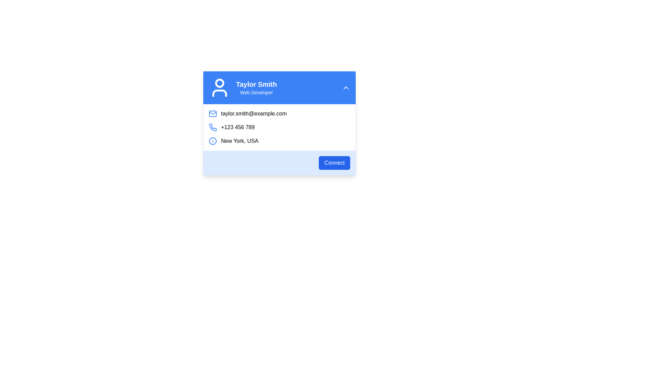 The width and height of the screenshot is (656, 369). What do you see at coordinates (334, 163) in the screenshot?
I see `the 'Connect' button with a blue background and white text, located in the footer section of the user contact information box, for keyboard navigation` at bounding box center [334, 163].